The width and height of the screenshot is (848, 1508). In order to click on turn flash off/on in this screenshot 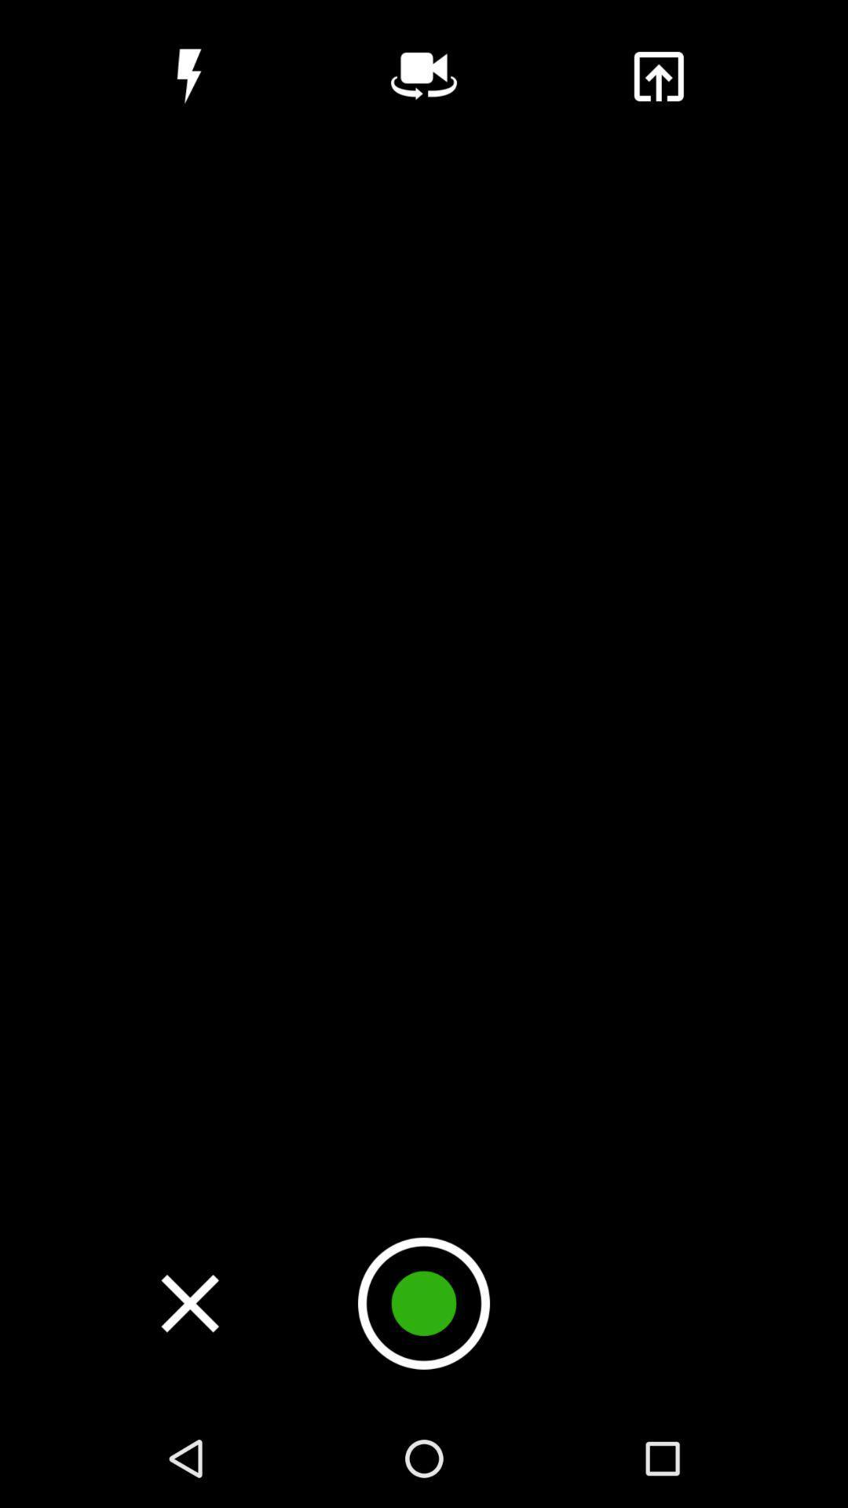, I will do `click(188, 75)`.